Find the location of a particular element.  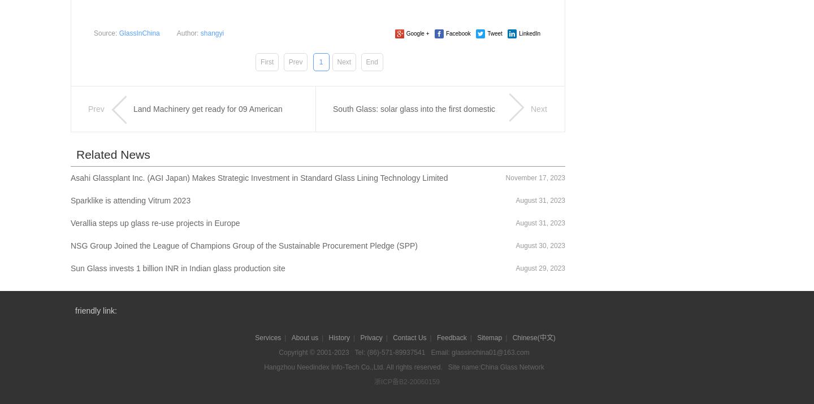

'Google +' is located at coordinates (405, 33).